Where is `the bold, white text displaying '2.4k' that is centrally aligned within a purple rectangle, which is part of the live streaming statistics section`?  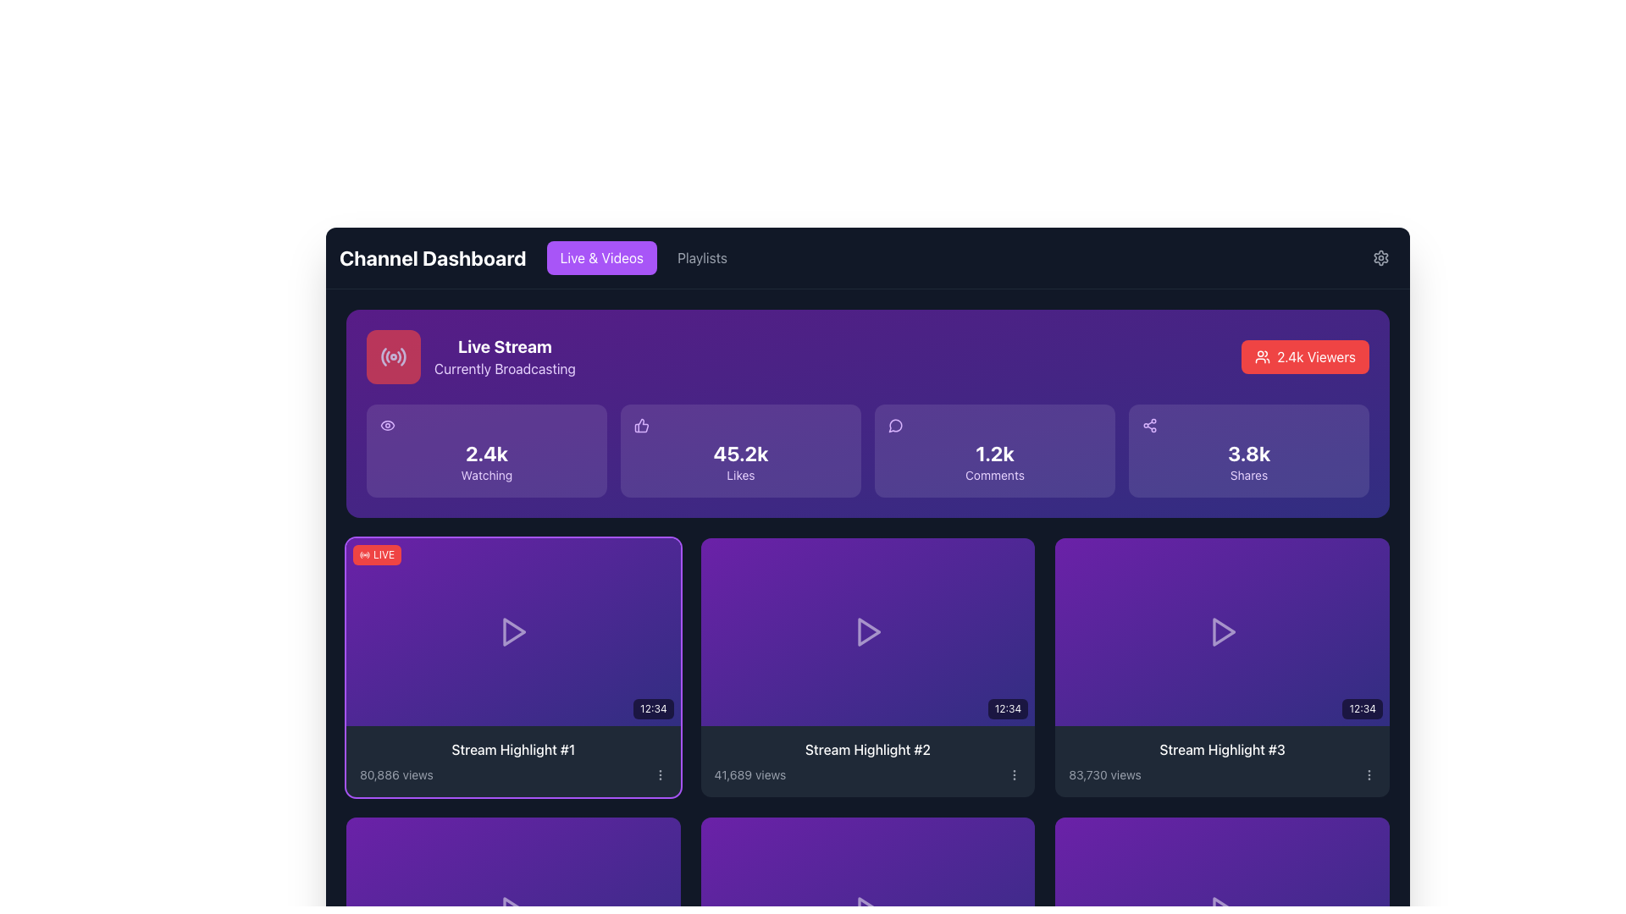 the bold, white text displaying '2.4k' that is centrally aligned within a purple rectangle, which is part of the live streaming statistics section is located at coordinates (486, 453).